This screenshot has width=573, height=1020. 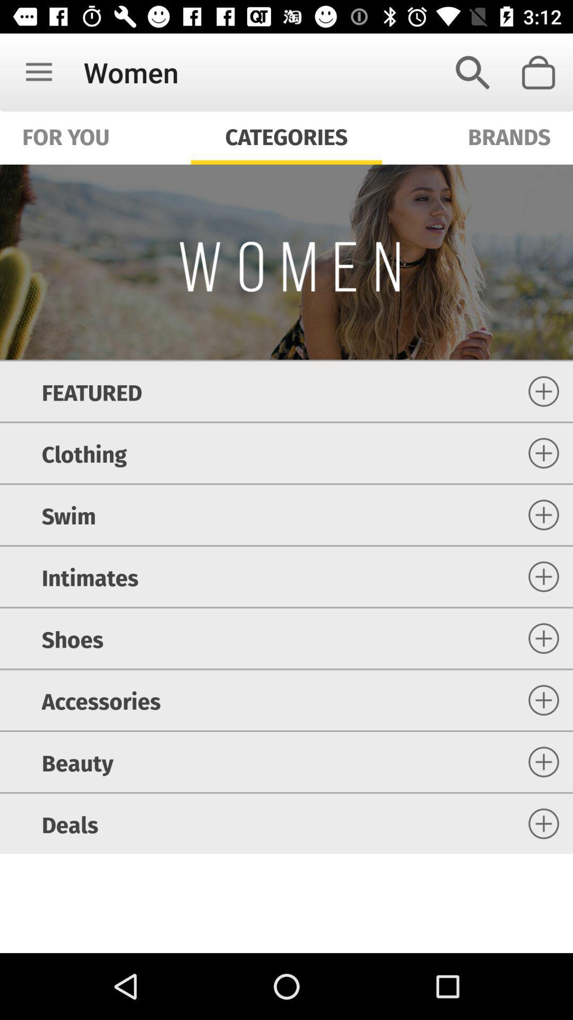 I want to click on for you item, so click(x=66, y=135).